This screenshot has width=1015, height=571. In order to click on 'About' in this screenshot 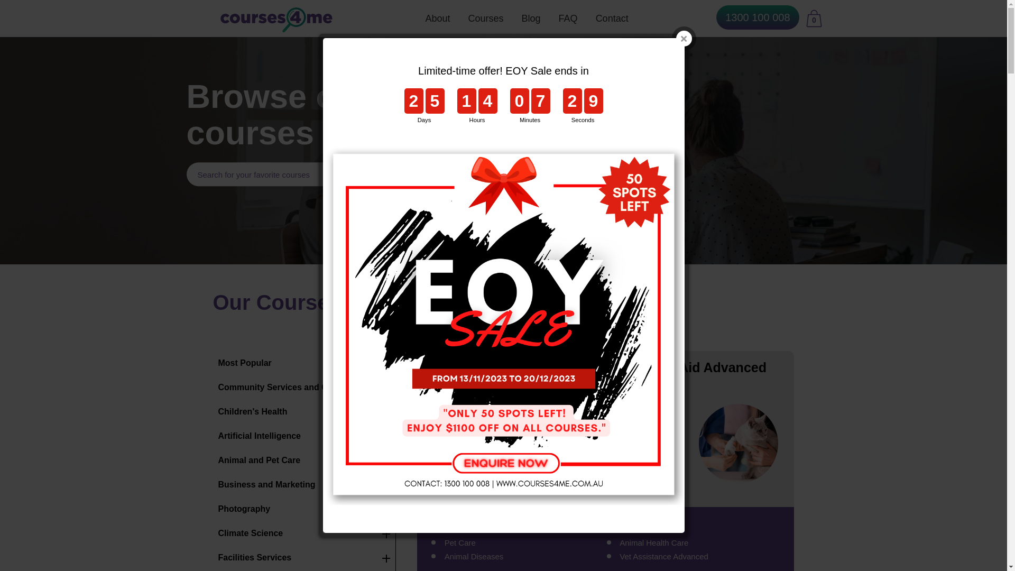, I will do `click(438, 18)`.